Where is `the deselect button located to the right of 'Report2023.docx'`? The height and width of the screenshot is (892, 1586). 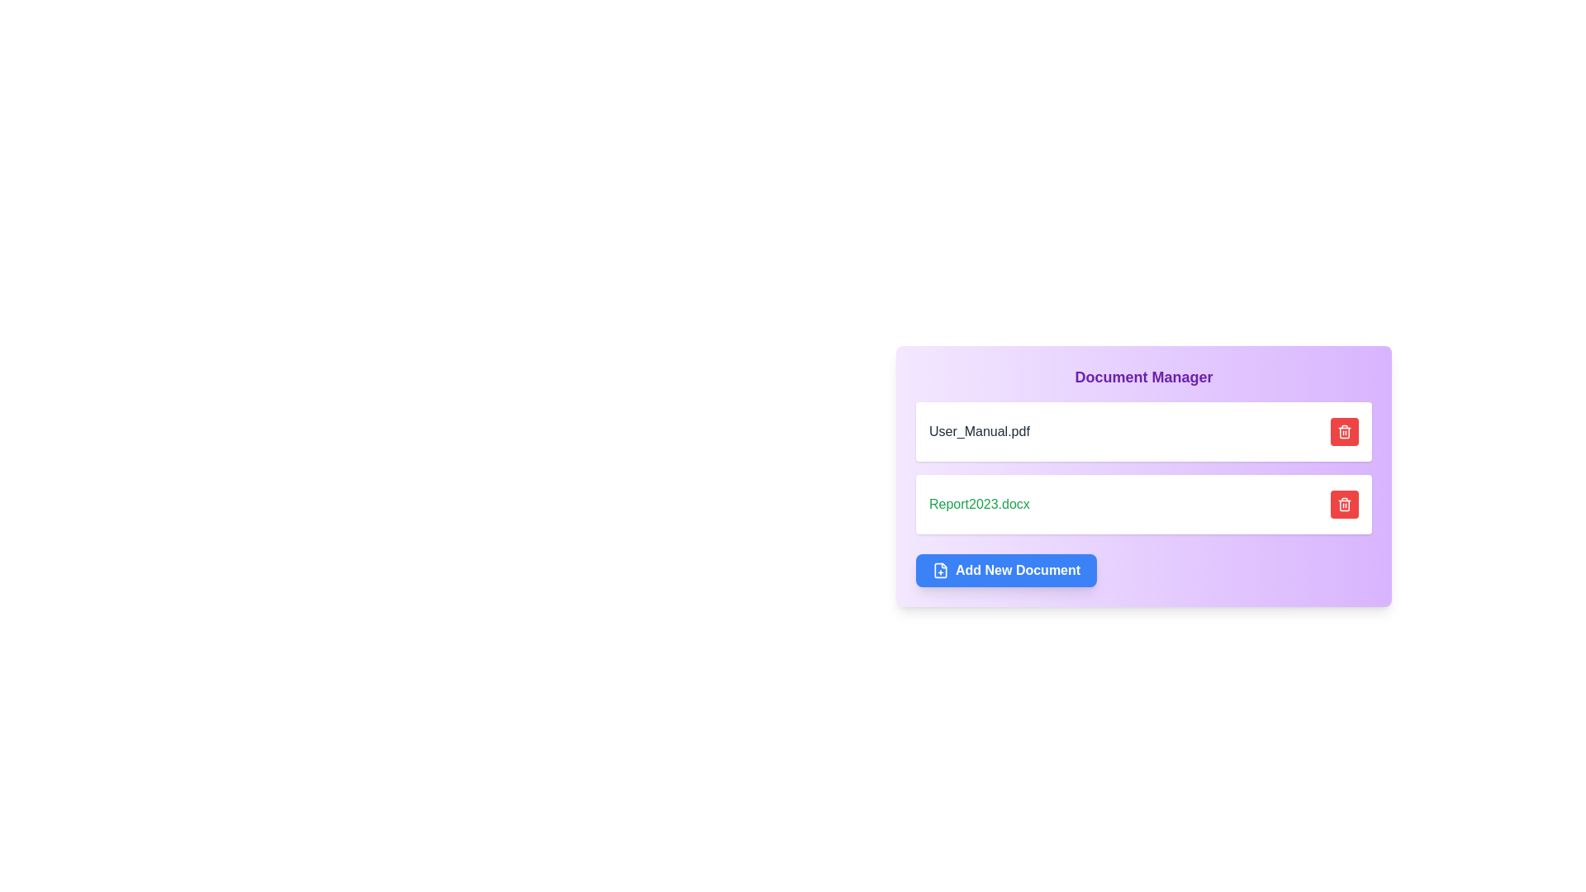
the deselect button located to the right of 'Report2023.docx' is located at coordinates (1304, 503).